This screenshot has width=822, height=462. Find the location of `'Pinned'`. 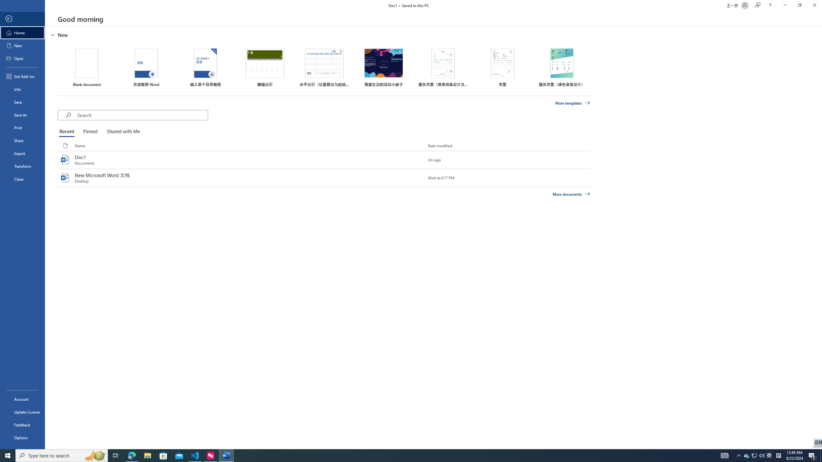

'Pinned' is located at coordinates (90, 132).